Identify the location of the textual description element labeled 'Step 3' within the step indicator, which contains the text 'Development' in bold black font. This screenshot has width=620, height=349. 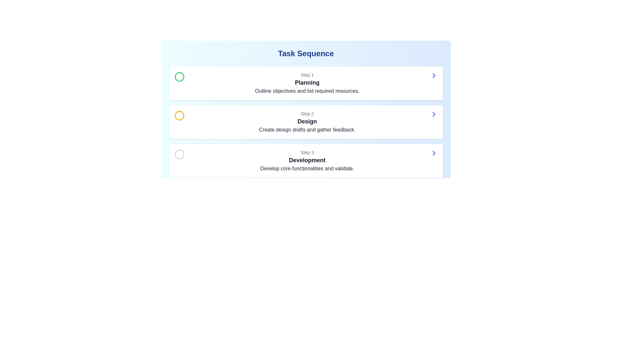
(307, 160).